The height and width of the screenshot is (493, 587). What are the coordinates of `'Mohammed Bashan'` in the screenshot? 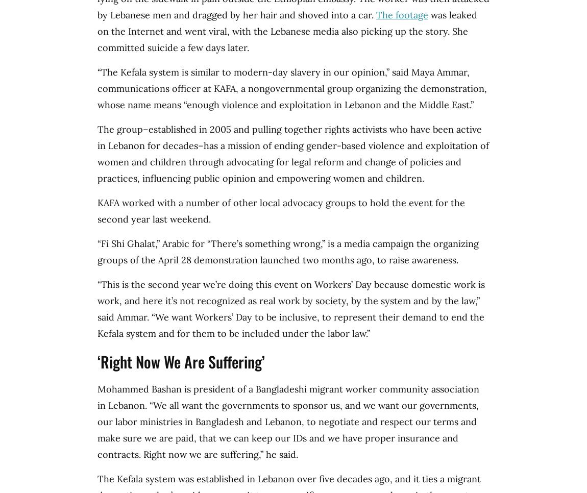 It's located at (139, 388).